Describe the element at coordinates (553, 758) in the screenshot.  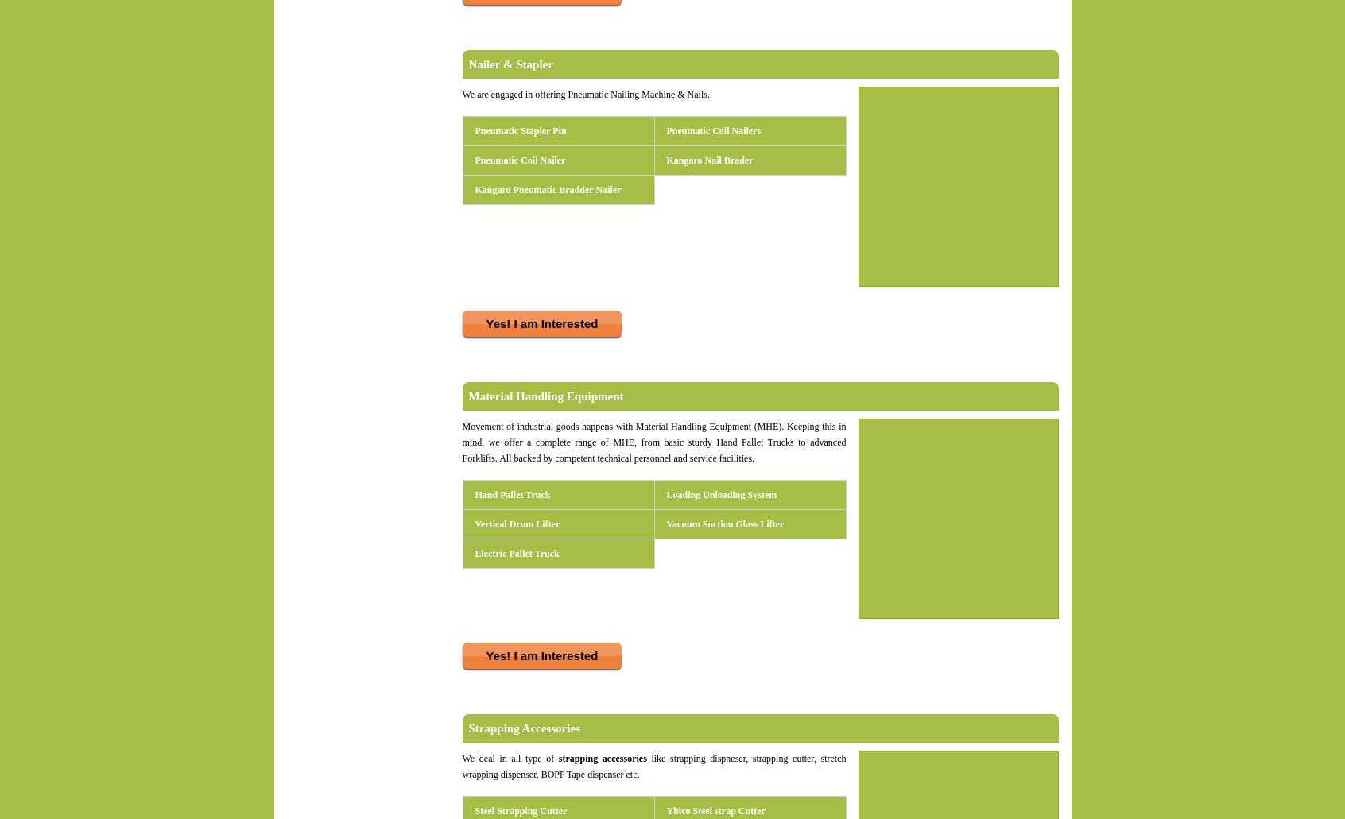
I see `'strapping accessories'` at that location.